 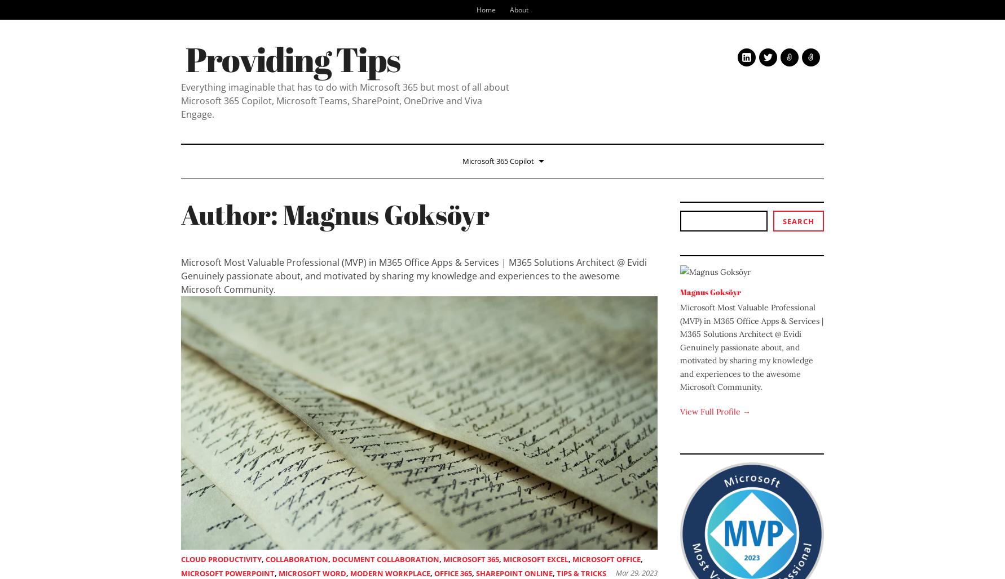 I want to click on 'Mar 29, 2023', so click(x=637, y=572).